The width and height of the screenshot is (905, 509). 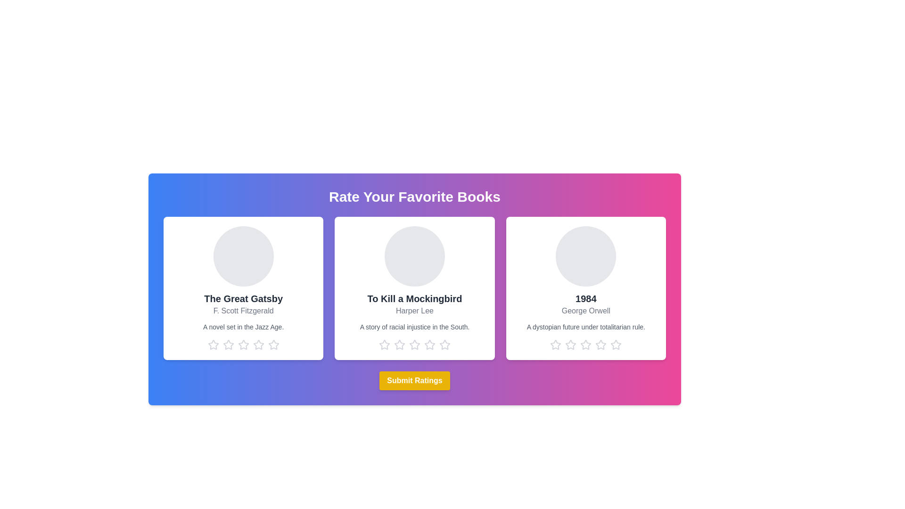 What do you see at coordinates (570, 345) in the screenshot?
I see `the star corresponding to the rating 2 for the book titled 1984` at bounding box center [570, 345].